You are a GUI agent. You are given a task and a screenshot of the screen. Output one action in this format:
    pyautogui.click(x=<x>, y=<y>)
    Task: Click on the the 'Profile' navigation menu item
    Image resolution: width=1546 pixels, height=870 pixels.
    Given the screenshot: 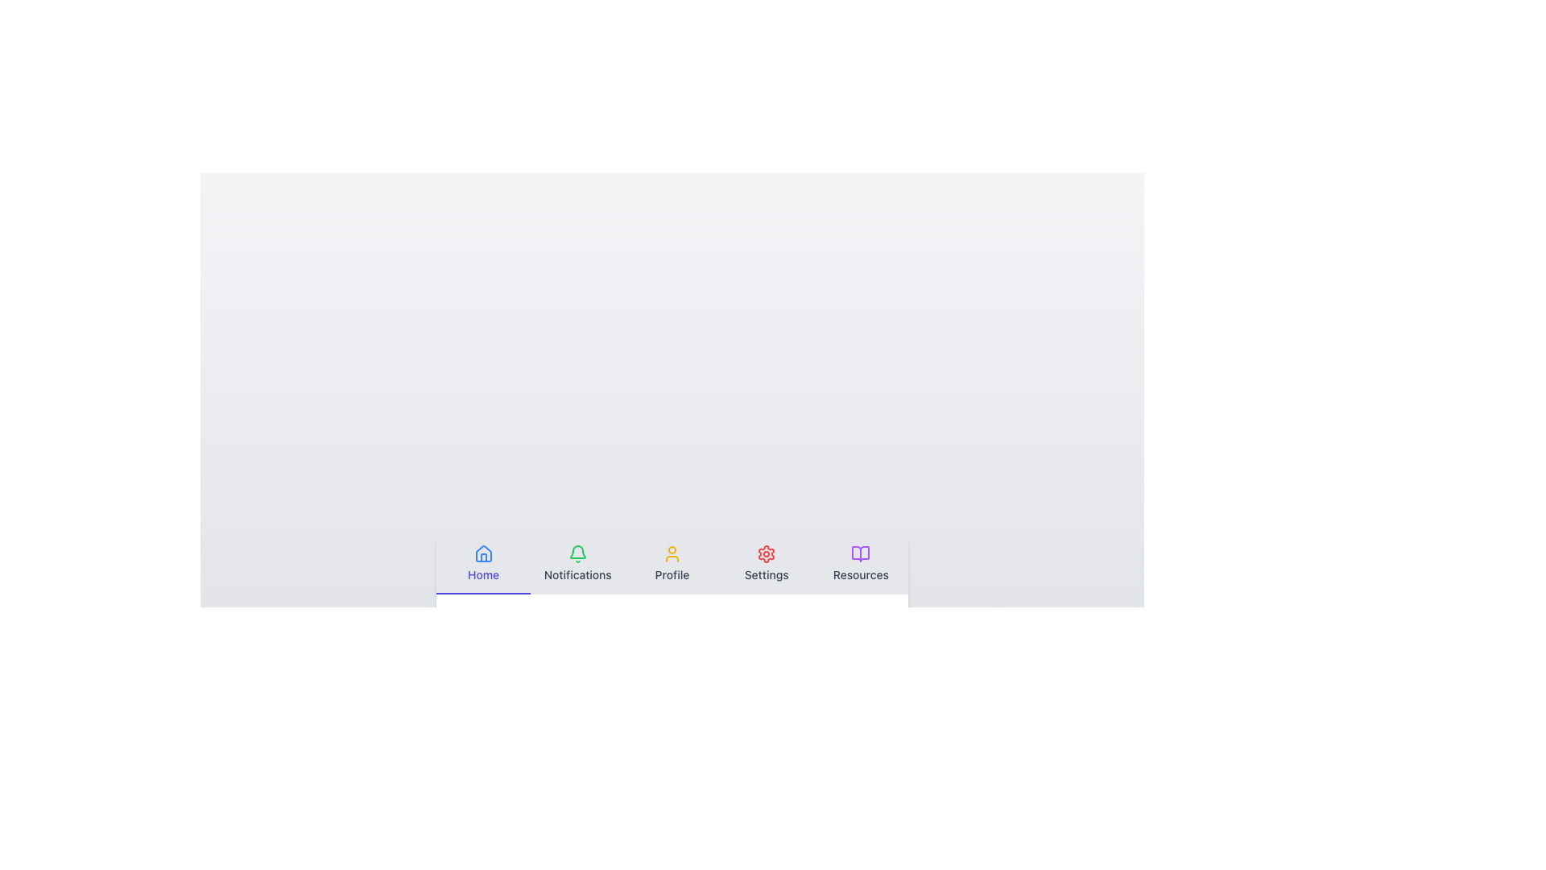 What is the action you would take?
    pyautogui.click(x=672, y=564)
    